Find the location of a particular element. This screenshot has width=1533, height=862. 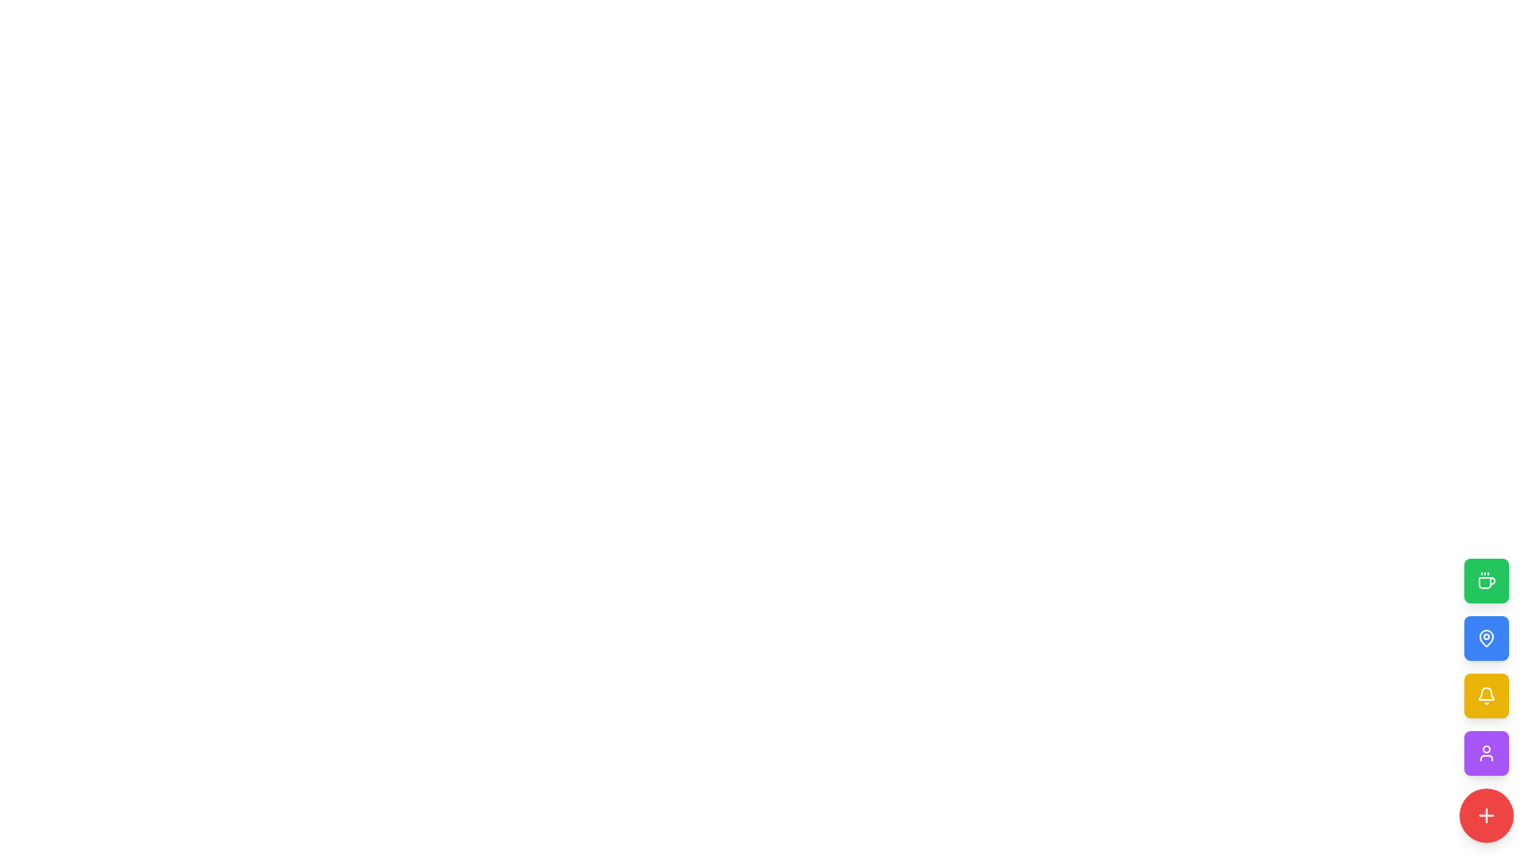

the coffee-related icon located in the top green button on the right edge of the interface, which is the first button in a vertical stack is located at coordinates (1486, 581).